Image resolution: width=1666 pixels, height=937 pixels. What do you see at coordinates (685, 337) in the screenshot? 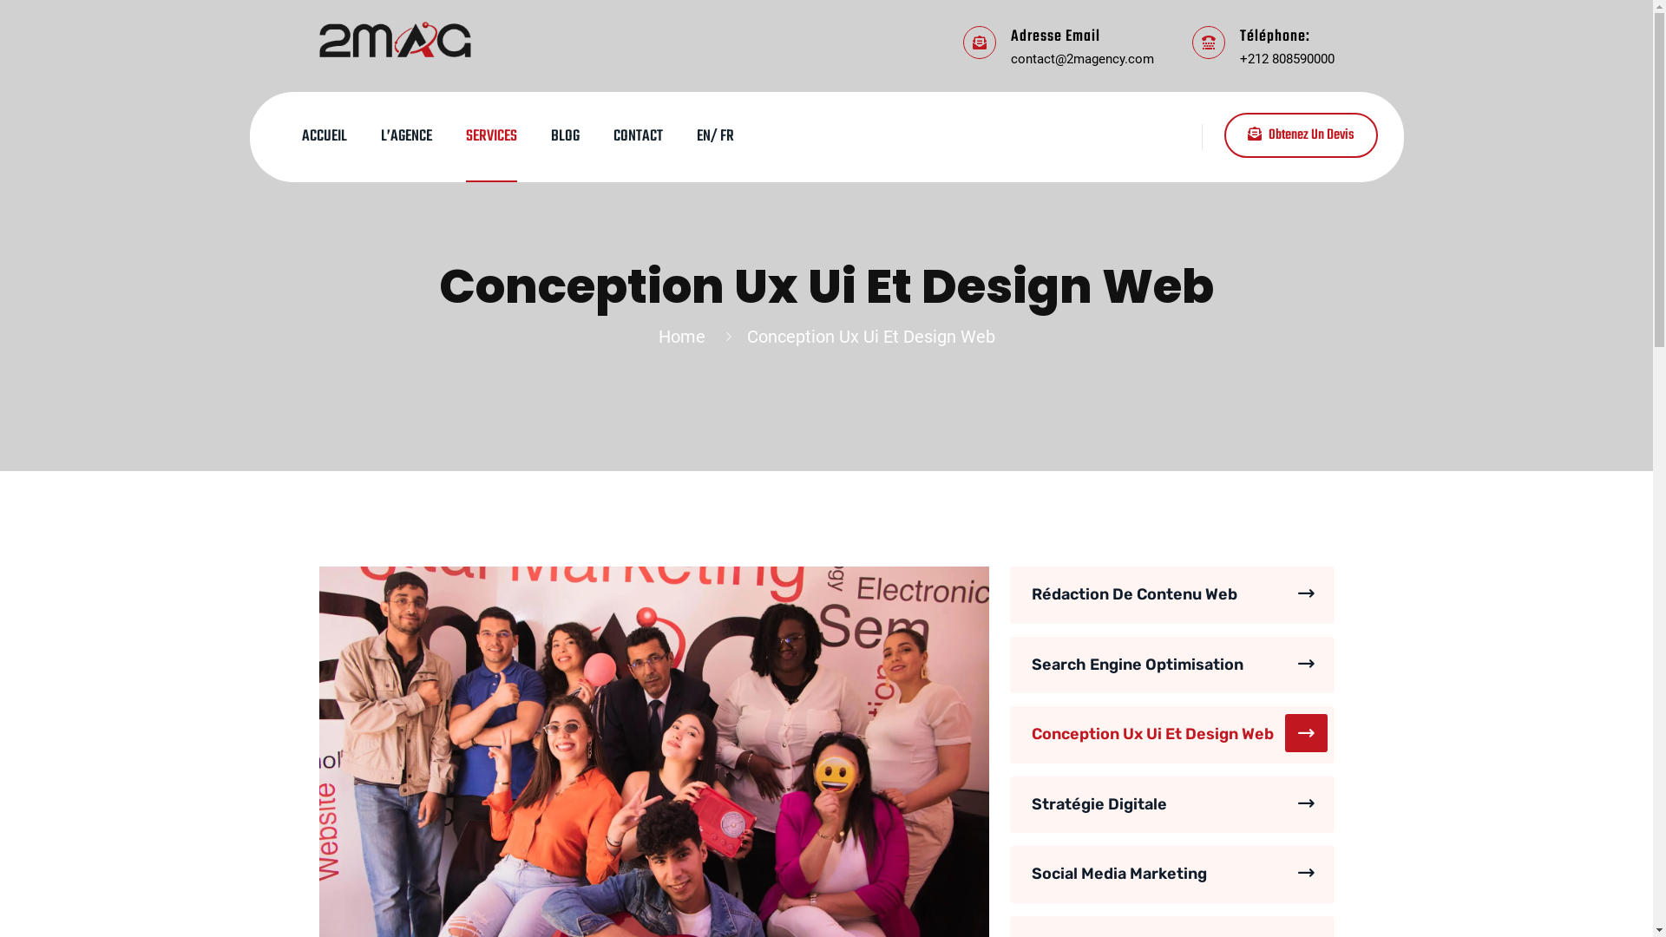
I see `'Home  '` at bounding box center [685, 337].